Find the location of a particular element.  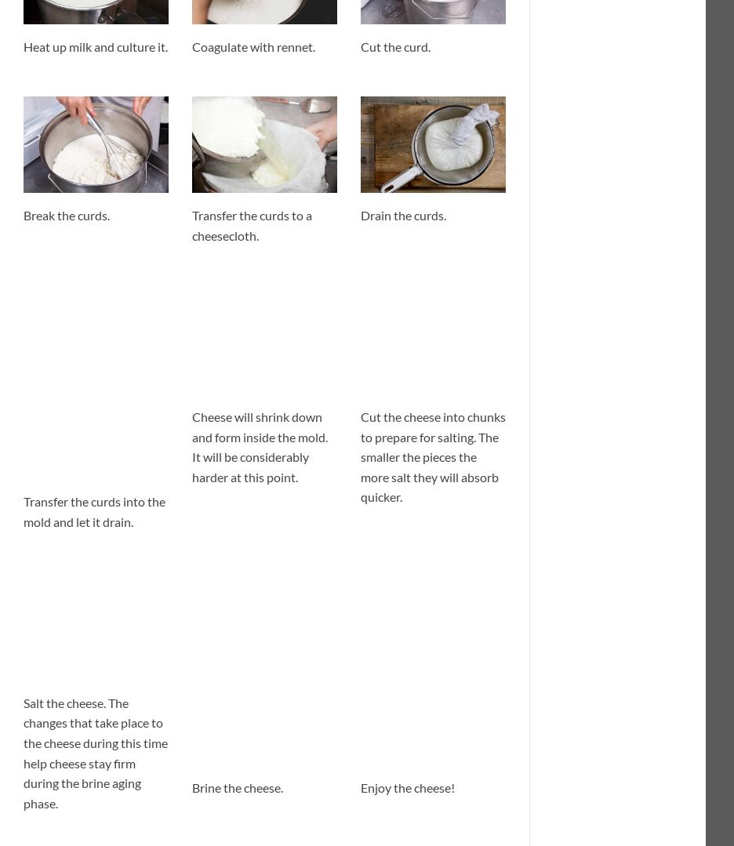

'Enjoy the cheese!' is located at coordinates (408, 786).